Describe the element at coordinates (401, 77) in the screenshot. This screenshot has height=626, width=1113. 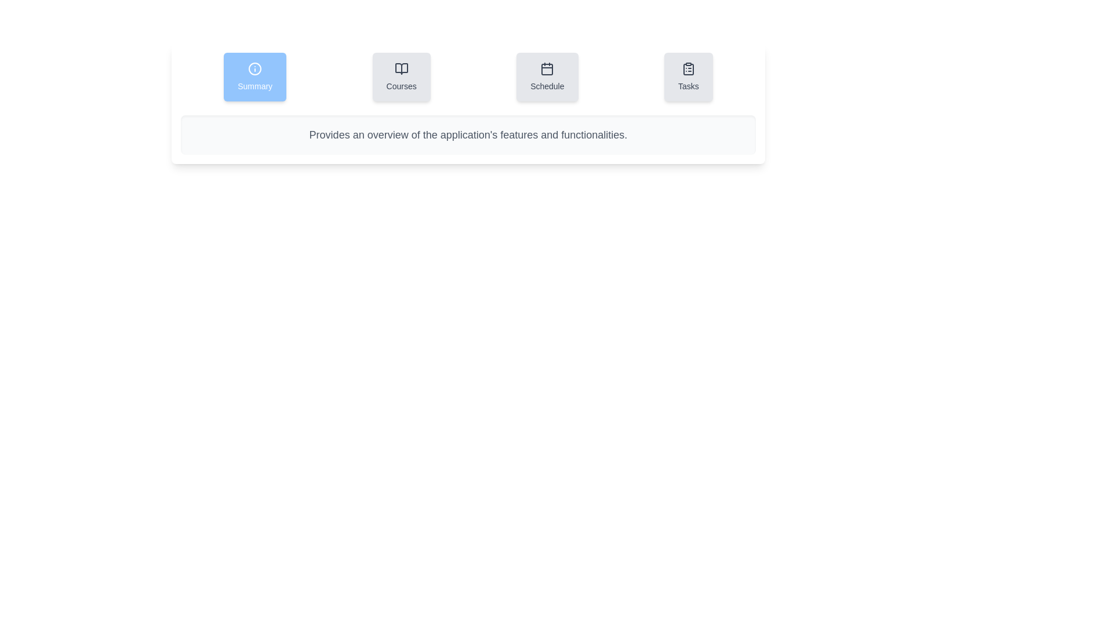
I see `the Courses tab` at that location.